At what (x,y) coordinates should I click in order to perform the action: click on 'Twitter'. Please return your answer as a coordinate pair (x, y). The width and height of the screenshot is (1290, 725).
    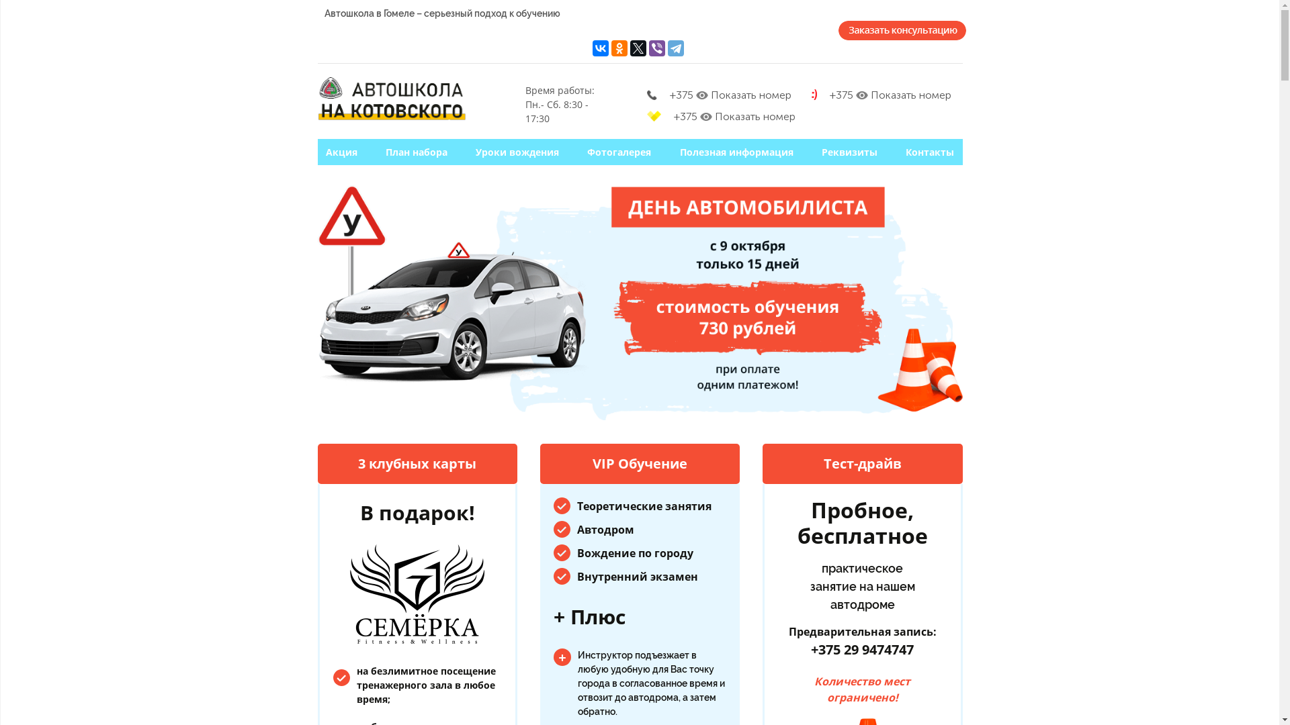
    Looking at the image, I should click on (638, 48).